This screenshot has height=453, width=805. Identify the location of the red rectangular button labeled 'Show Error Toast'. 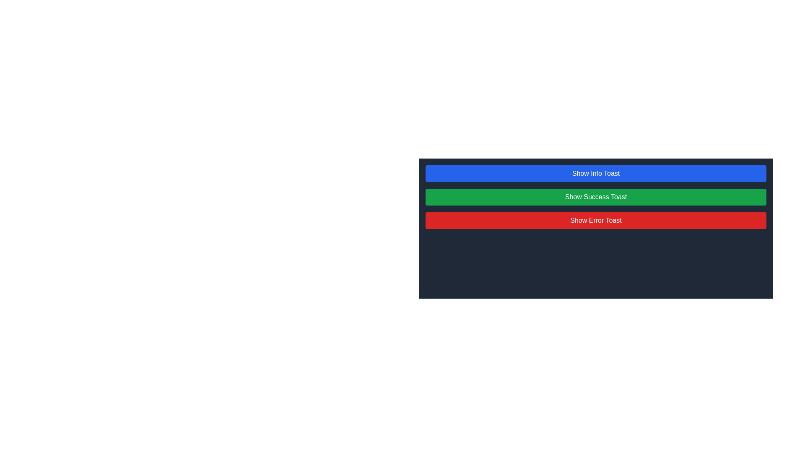
(595, 220).